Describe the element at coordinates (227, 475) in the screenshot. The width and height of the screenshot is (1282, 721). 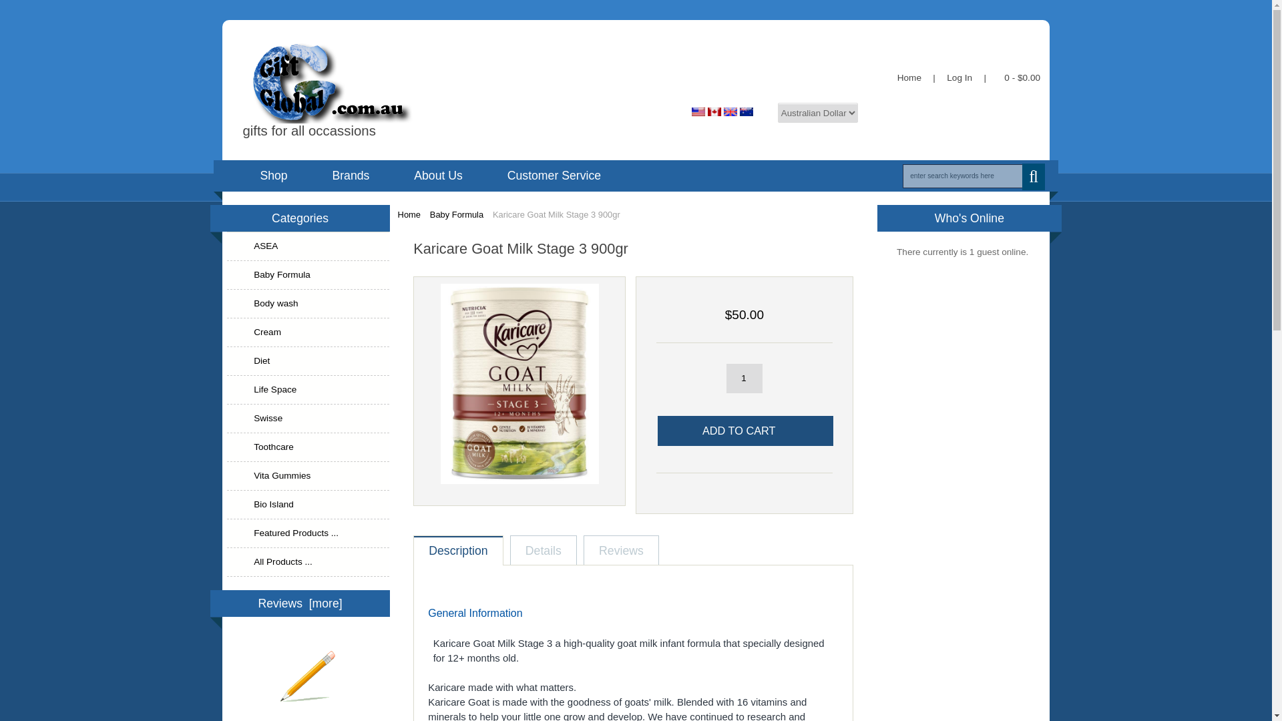
I see `'Vita Gummies` at that location.